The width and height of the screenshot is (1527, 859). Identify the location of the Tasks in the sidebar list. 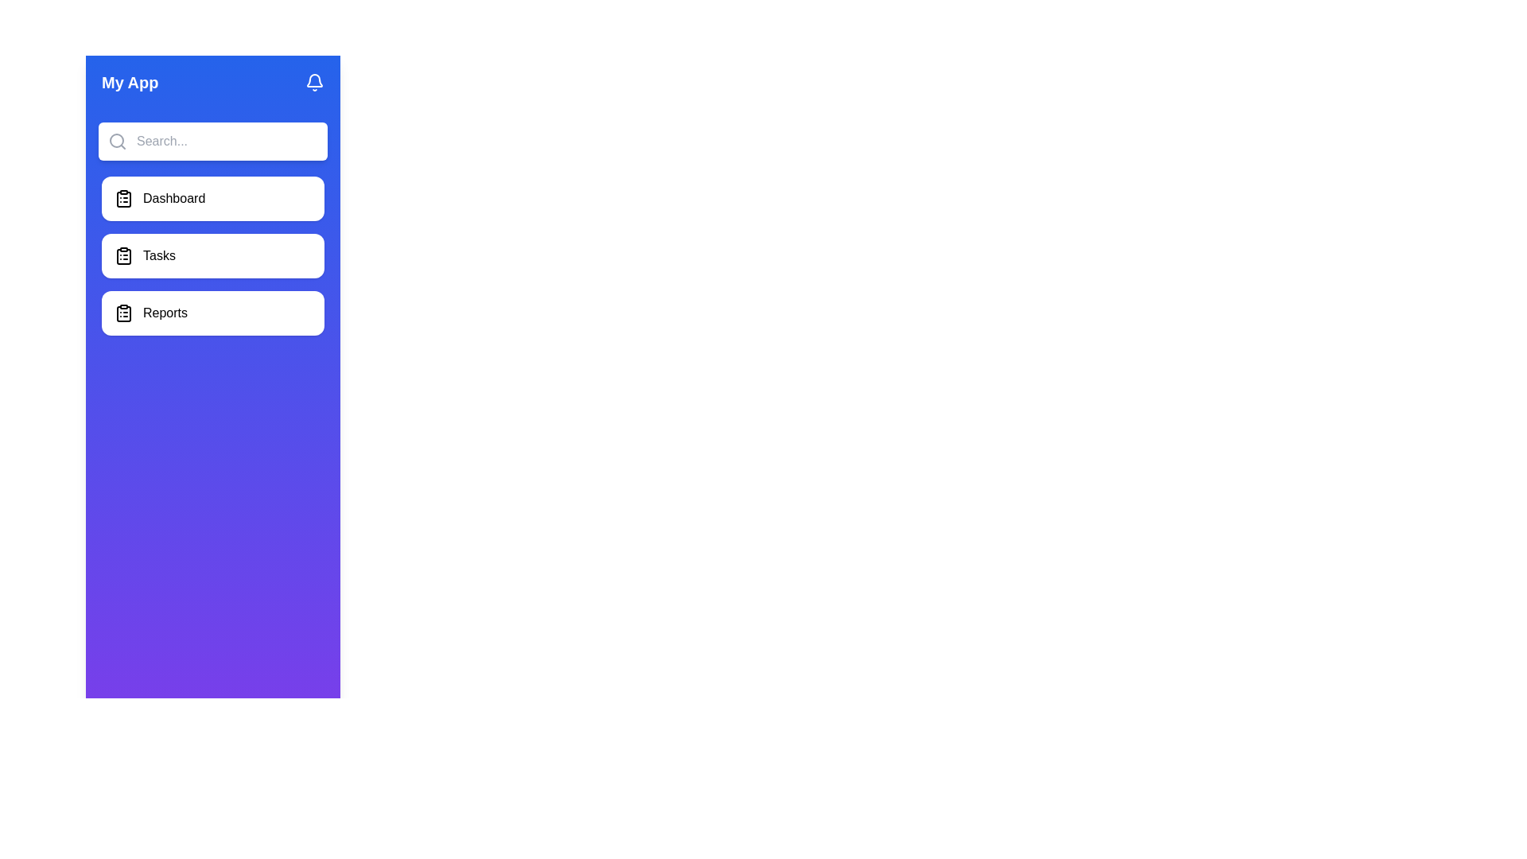
(212, 255).